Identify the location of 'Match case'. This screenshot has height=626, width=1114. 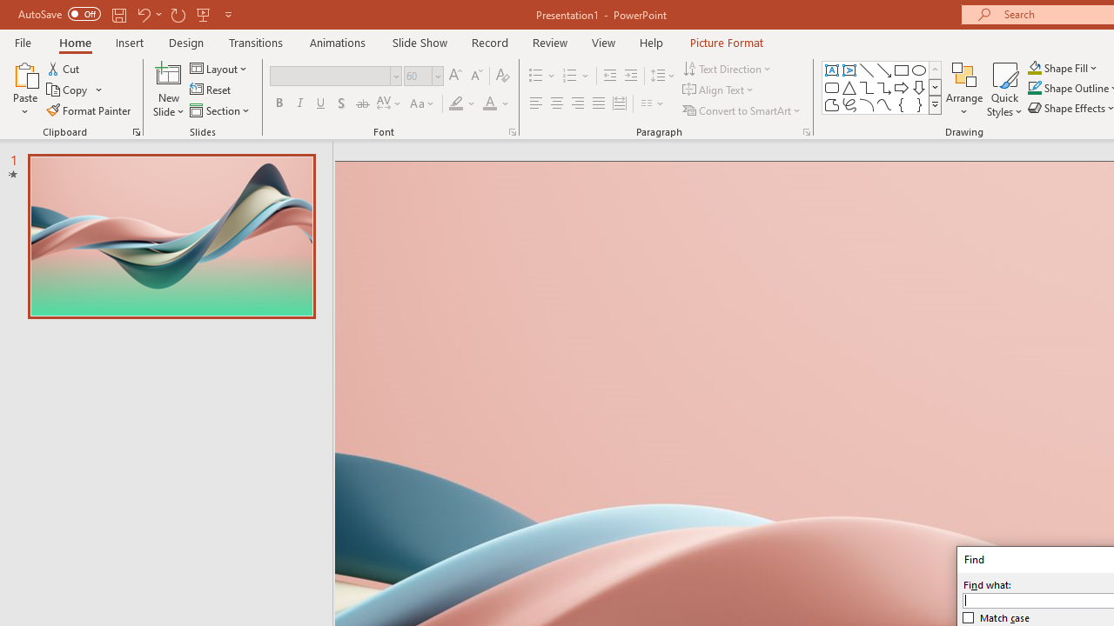
(997, 617).